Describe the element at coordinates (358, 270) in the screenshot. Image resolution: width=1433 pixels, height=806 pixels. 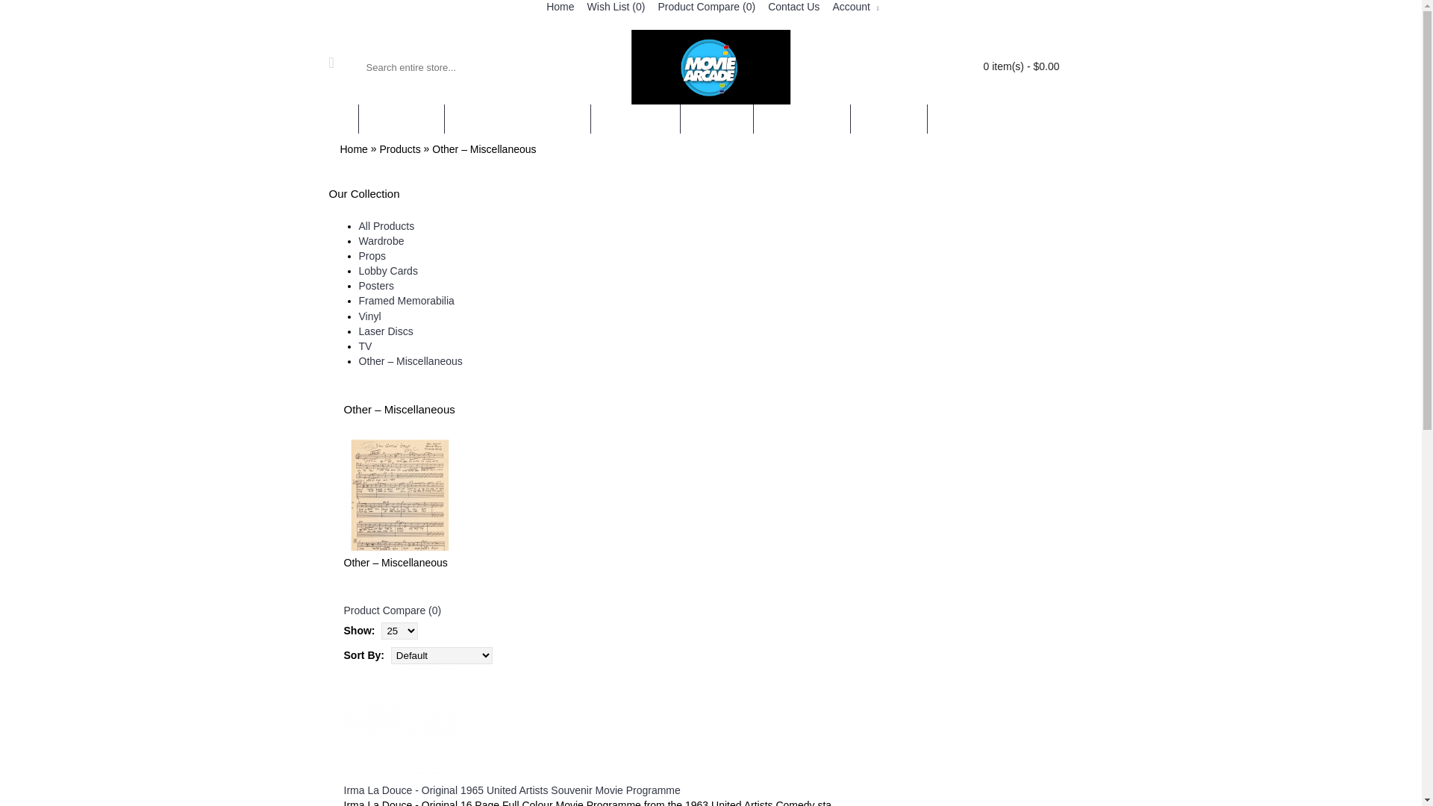
I see `'Lobby Cards'` at that location.